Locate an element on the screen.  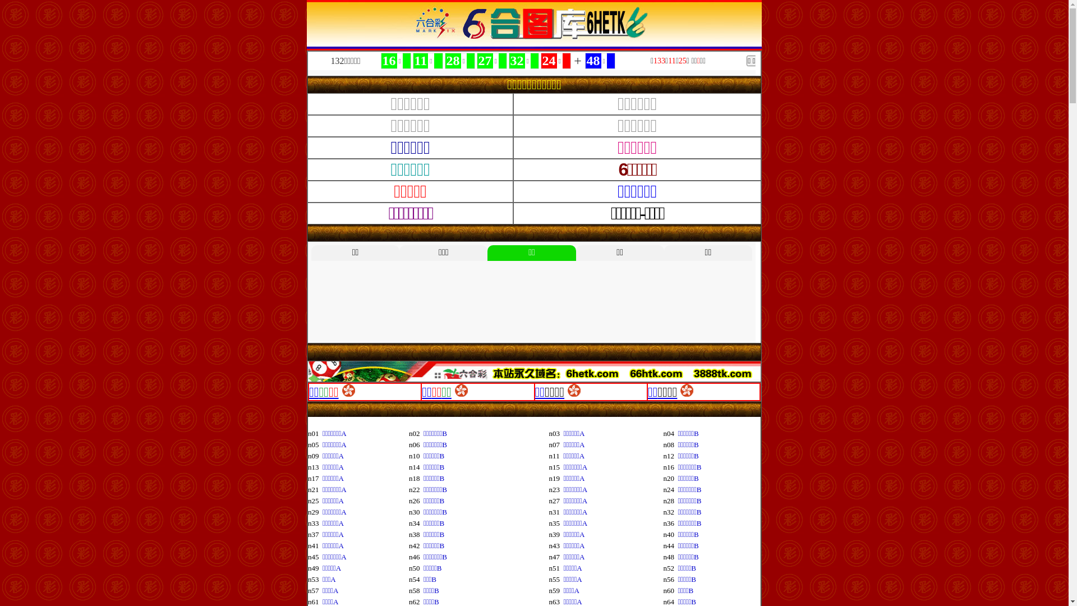
'n25 ' is located at coordinates (314, 500).